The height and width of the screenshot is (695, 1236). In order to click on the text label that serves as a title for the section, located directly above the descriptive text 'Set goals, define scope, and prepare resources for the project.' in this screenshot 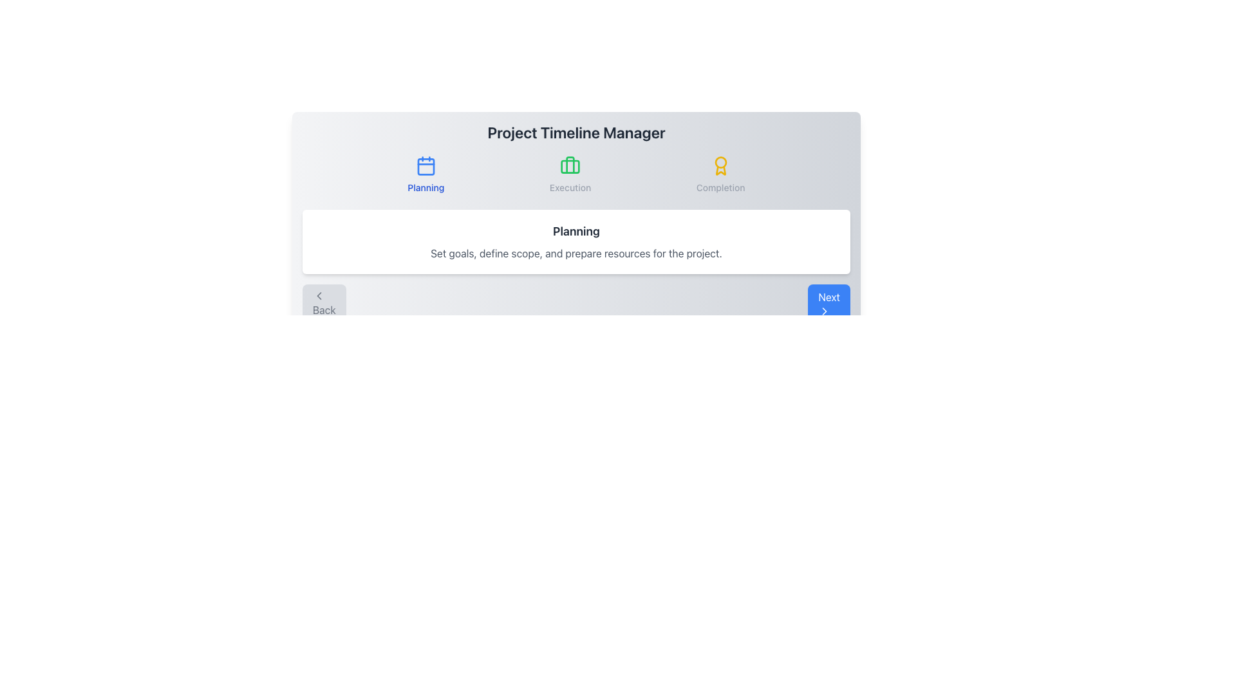, I will do `click(576, 230)`.